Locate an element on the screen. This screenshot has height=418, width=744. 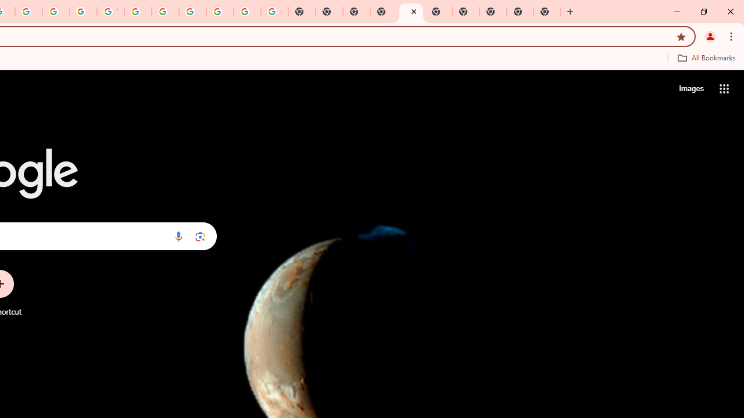
'Search for Images ' is located at coordinates (691, 88).